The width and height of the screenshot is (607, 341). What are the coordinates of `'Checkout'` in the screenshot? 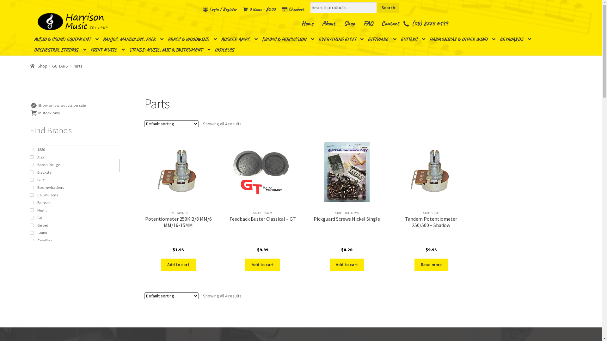 It's located at (292, 9).